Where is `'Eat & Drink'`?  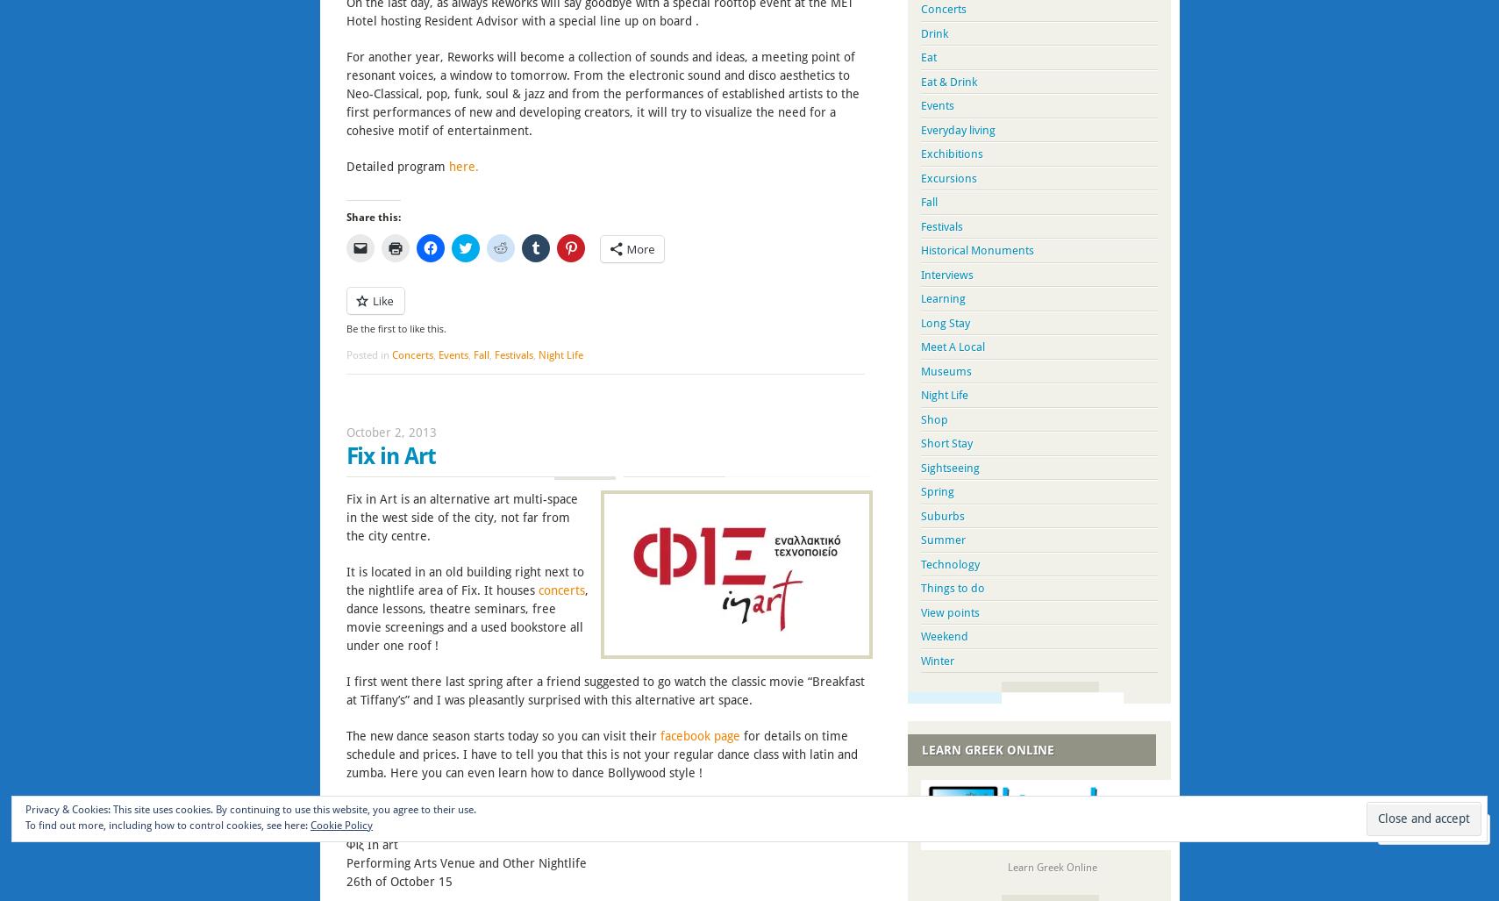
'Eat & Drink' is located at coordinates (947, 80).